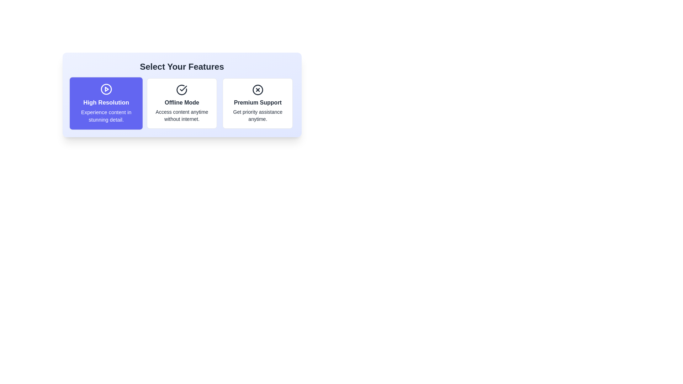 The height and width of the screenshot is (384, 683). What do you see at coordinates (106, 103) in the screenshot?
I see `the 'High Resolution' interactive card located at the top left corner of the grid layout` at bounding box center [106, 103].